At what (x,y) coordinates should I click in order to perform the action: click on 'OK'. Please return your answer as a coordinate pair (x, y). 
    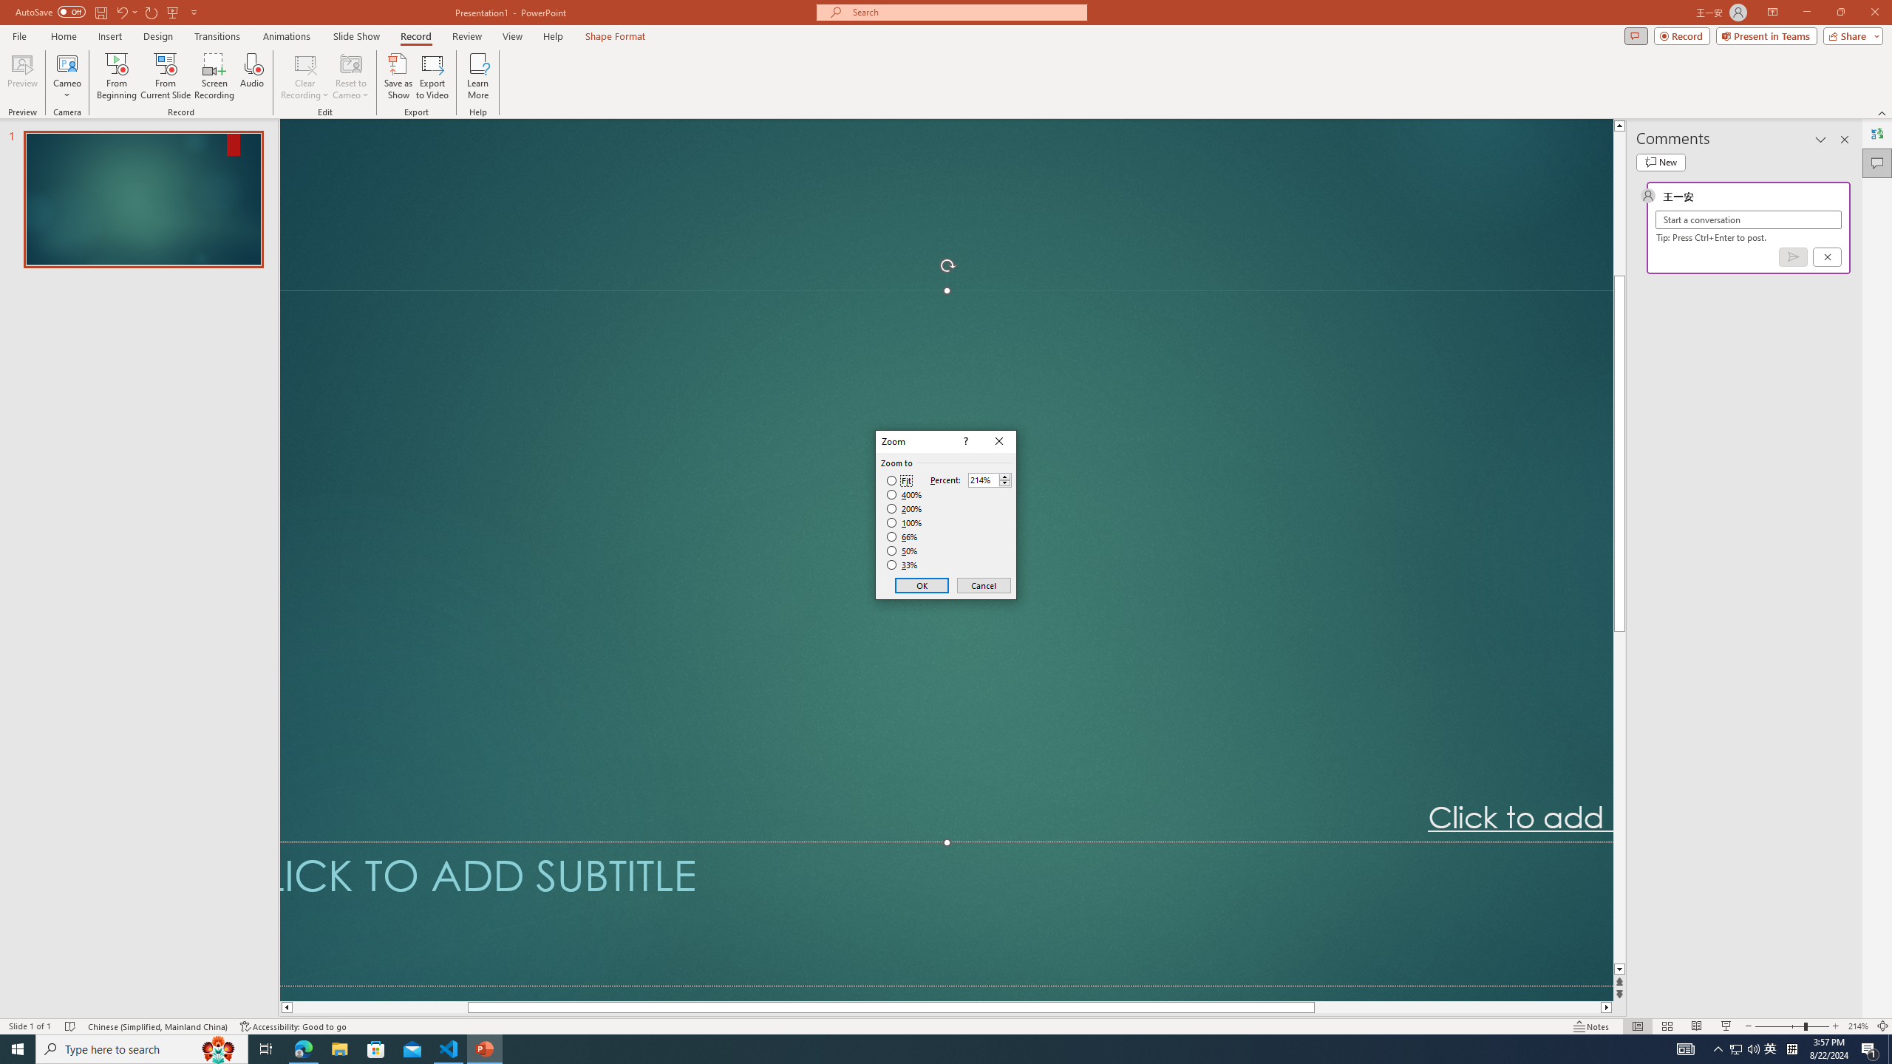
    Looking at the image, I should click on (922, 585).